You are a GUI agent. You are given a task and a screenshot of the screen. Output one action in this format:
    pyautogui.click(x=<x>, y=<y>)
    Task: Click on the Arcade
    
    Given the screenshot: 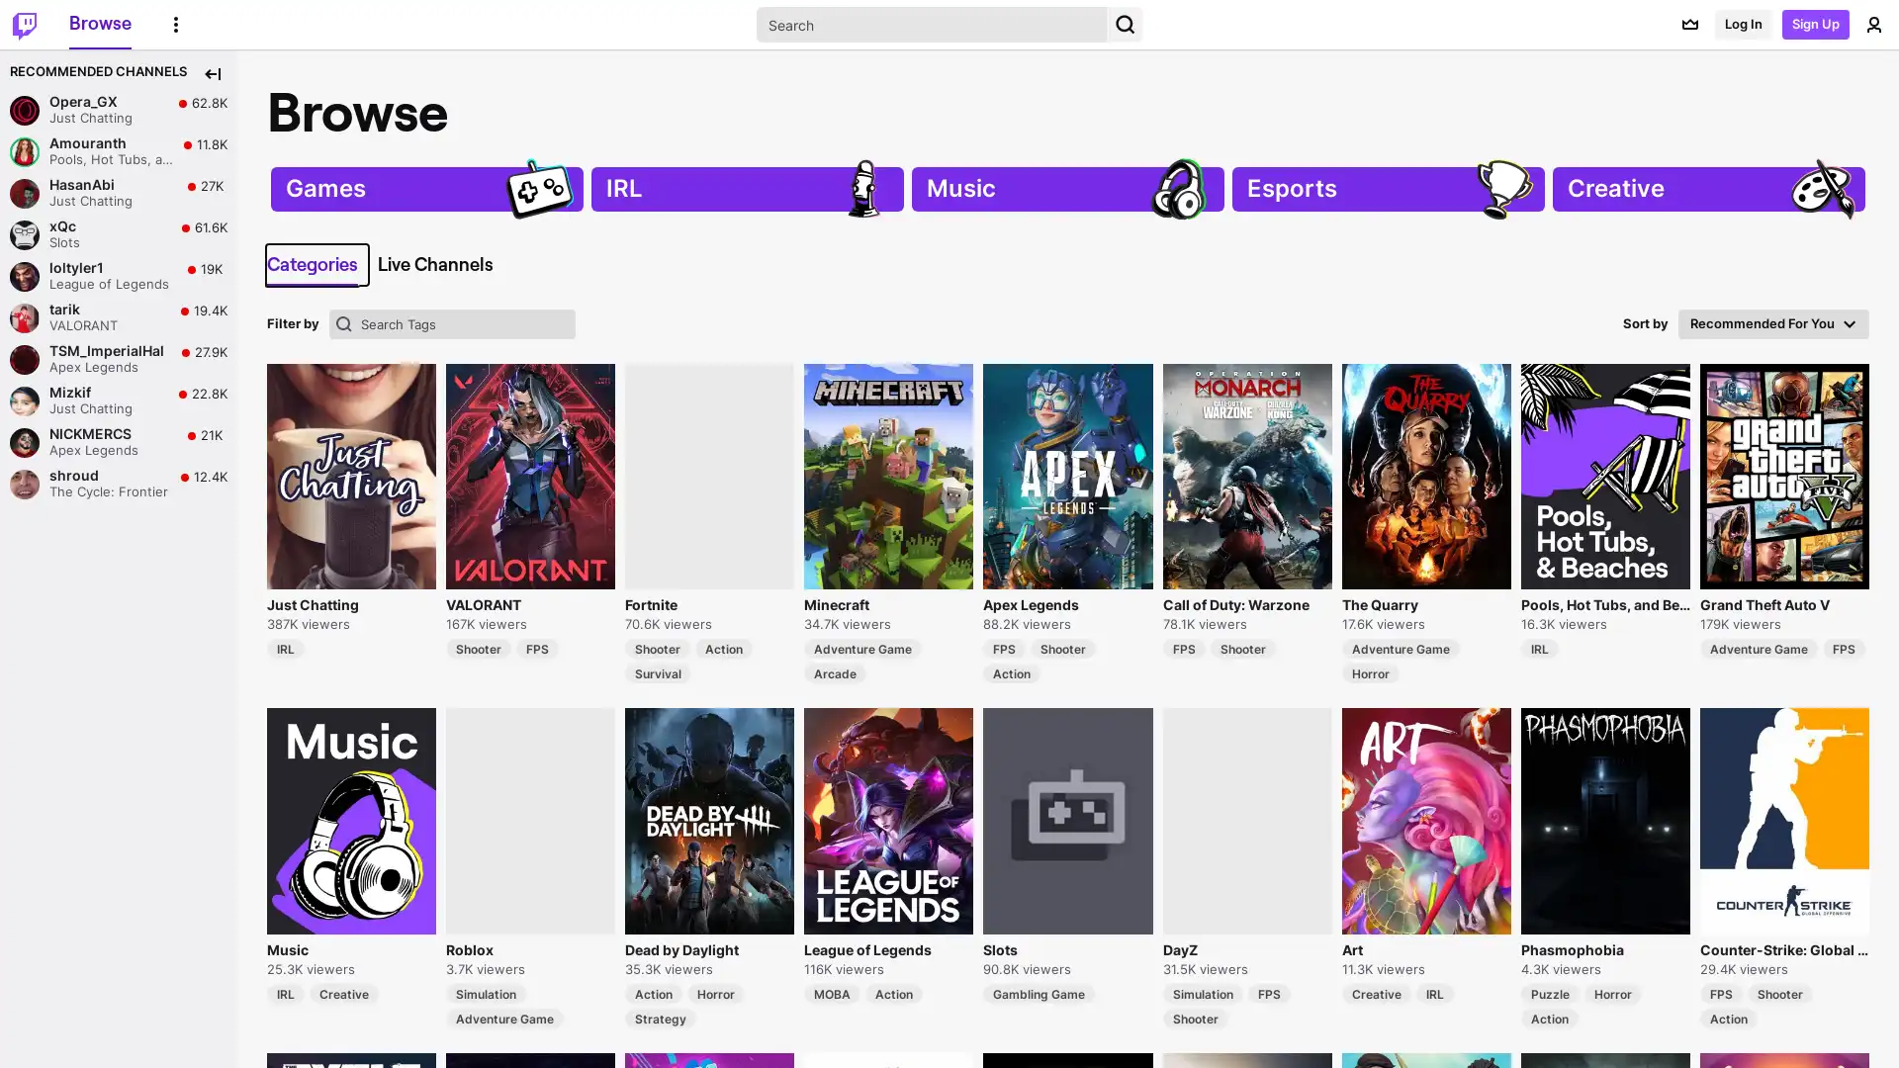 What is the action you would take?
    pyautogui.click(x=835, y=672)
    